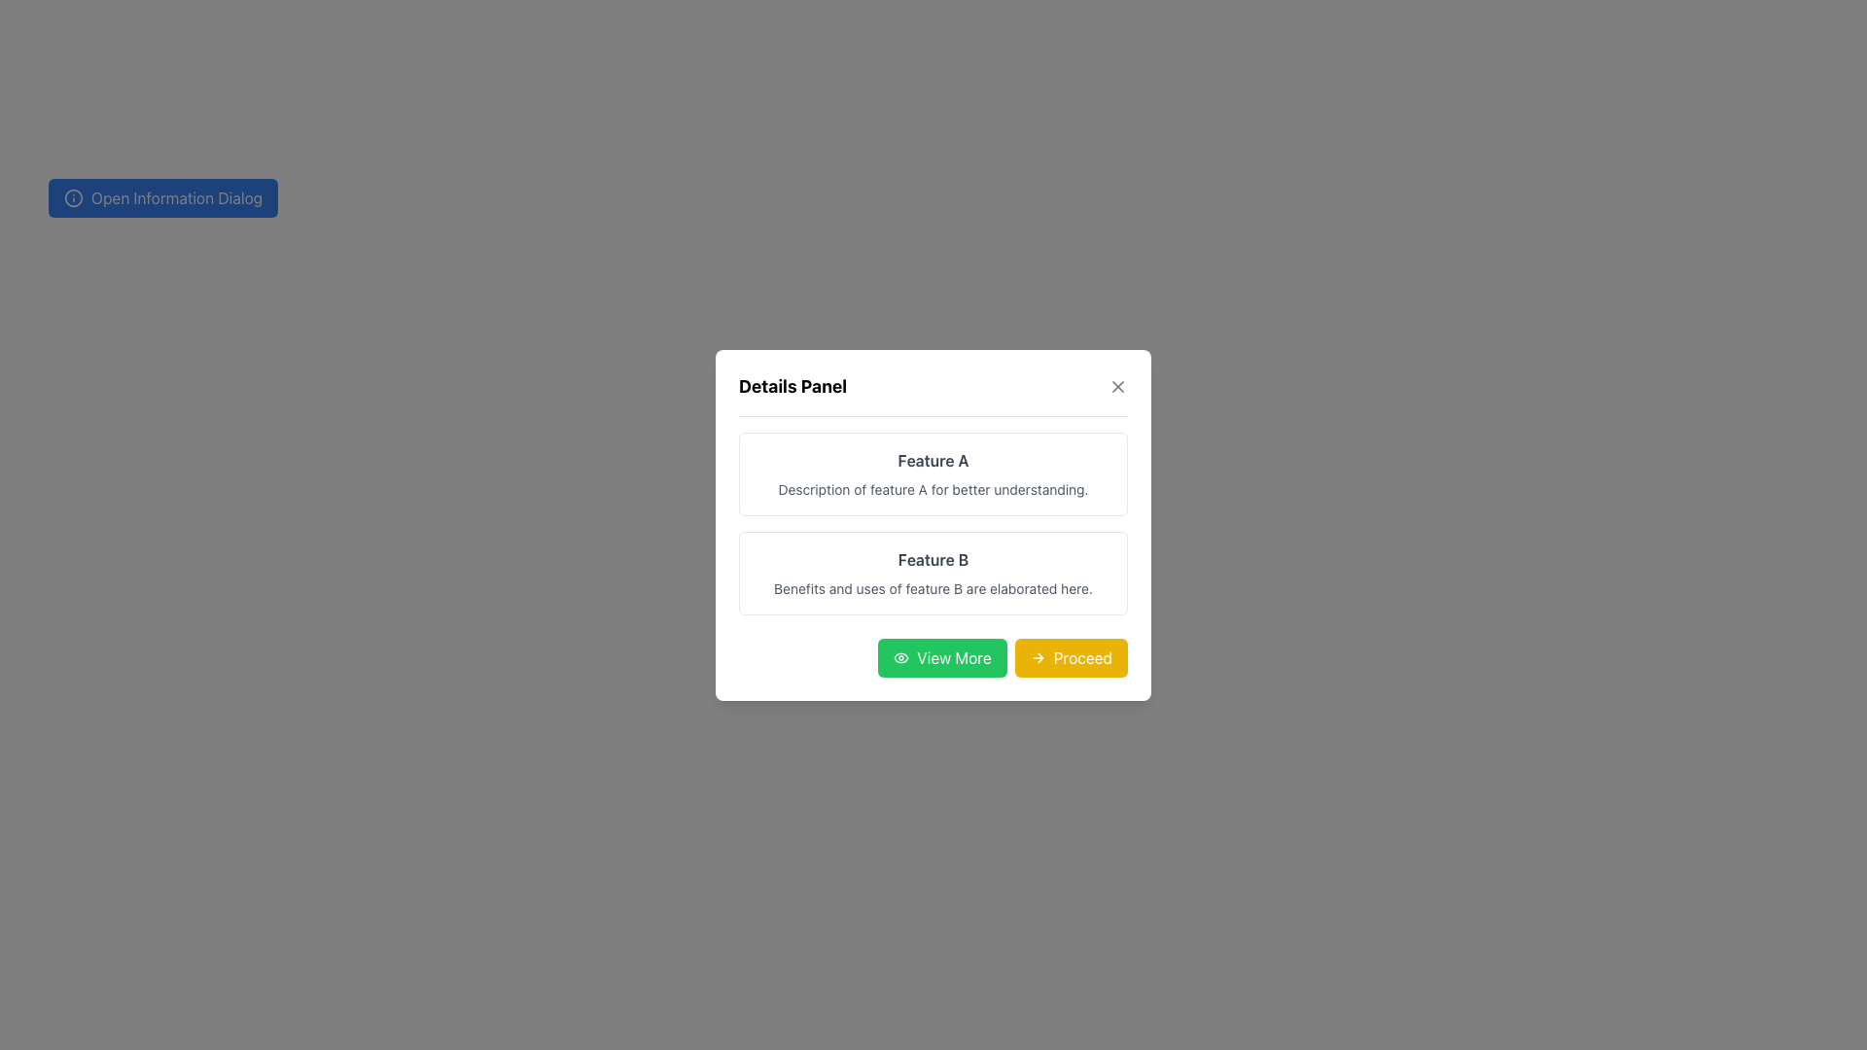  Describe the element at coordinates (942, 656) in the screenshot. I see `the green 'View More' button with rounded corners, located in the 'Details Panel' dialog box` at that location.